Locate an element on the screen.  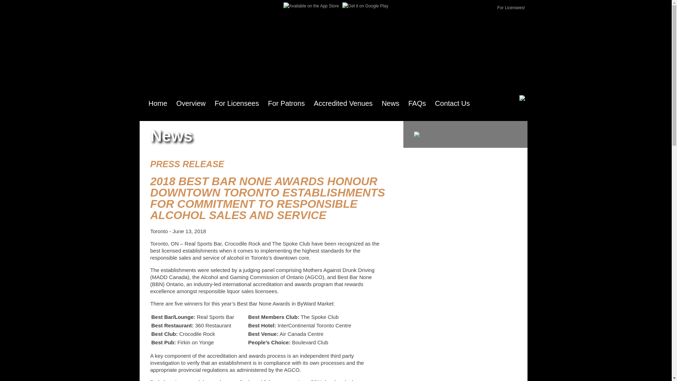
'For Patrons' is located at coordinates (286, 103).